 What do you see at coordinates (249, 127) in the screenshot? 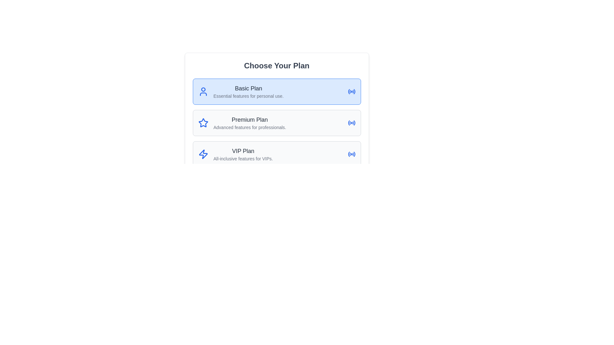
I see `descriptive label text below the bold title 'Premium Plan' to understand the features or benefits associated with selecting this plan` at bounding box center [249, 127].